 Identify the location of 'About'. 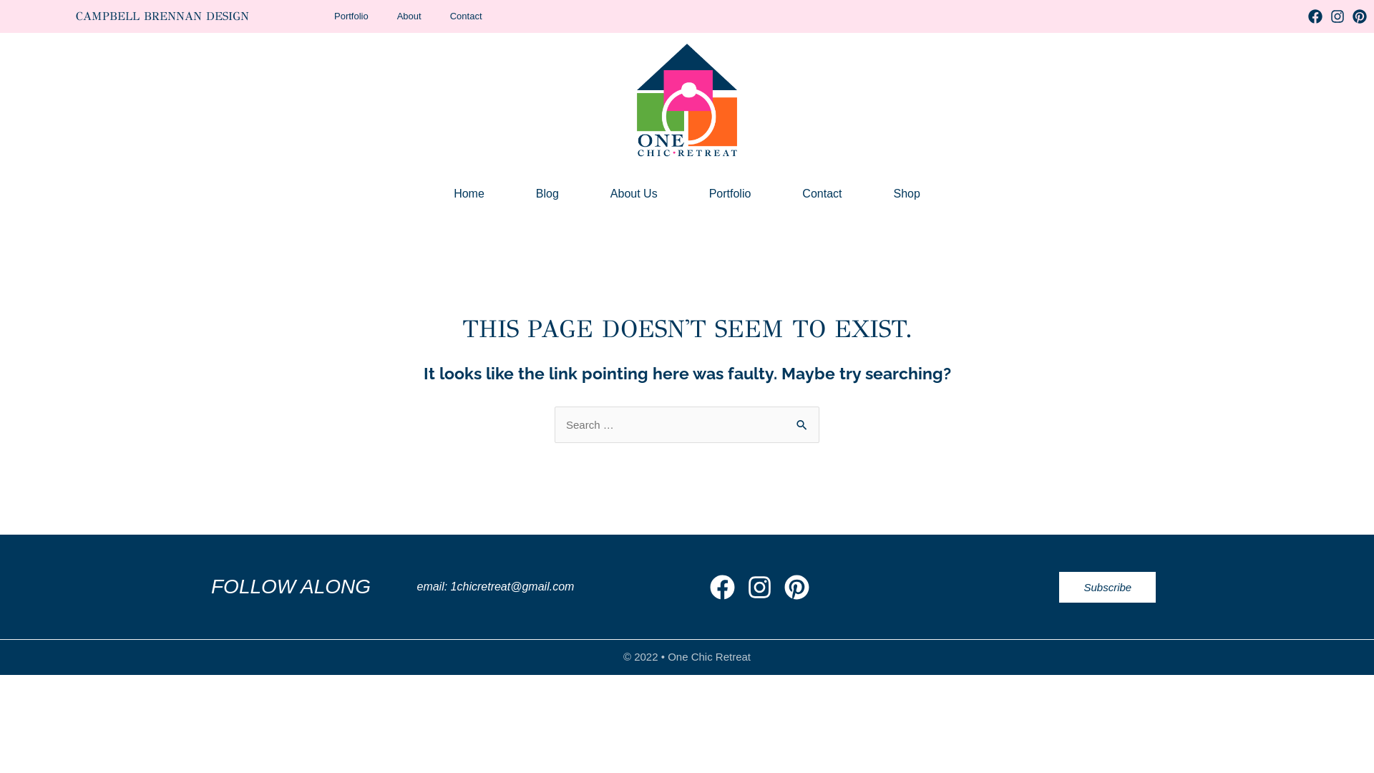
(408, 16).